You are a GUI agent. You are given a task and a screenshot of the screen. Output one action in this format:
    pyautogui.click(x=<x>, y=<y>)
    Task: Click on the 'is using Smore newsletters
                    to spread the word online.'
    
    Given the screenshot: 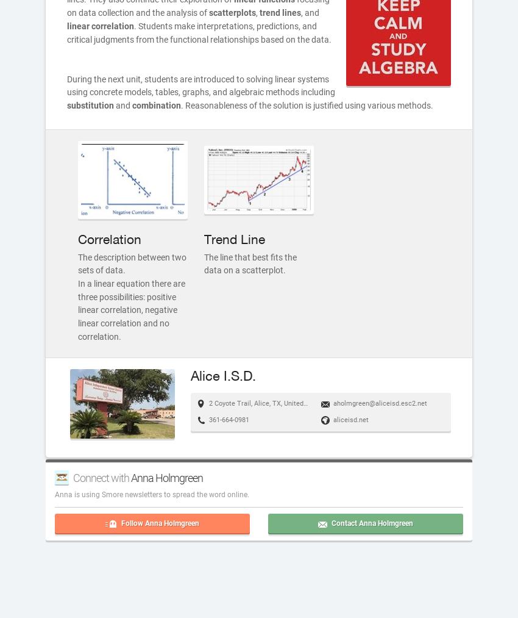 What is the action you would take?
    pyautogui.click(x=160, y=494)
    